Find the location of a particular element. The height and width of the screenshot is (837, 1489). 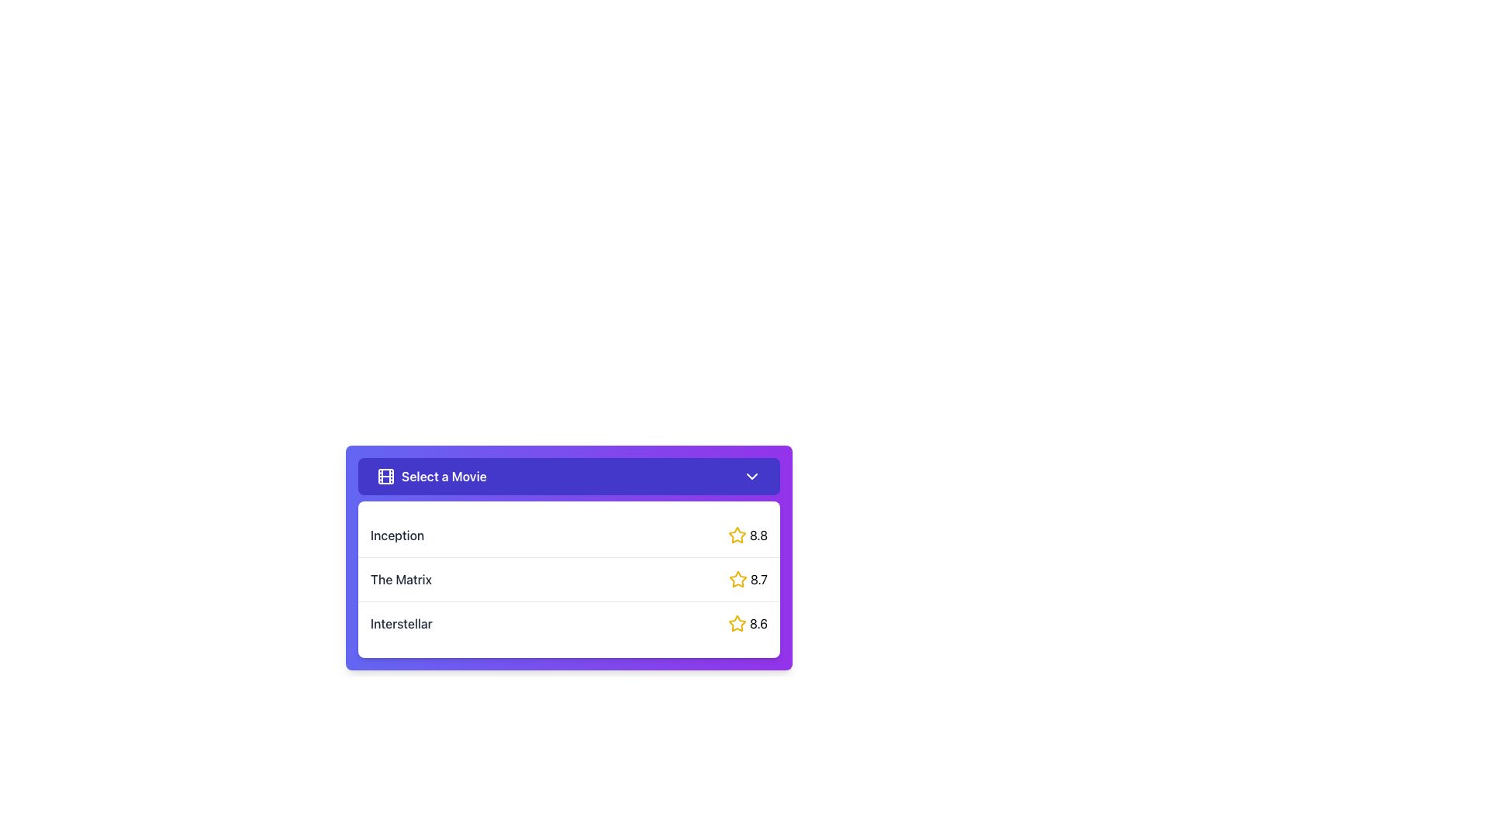

the favorite indicator icon located to the left of the text '8.8' for the item 'Inception' in the dropdown menu is located at coordinates (736, 534).